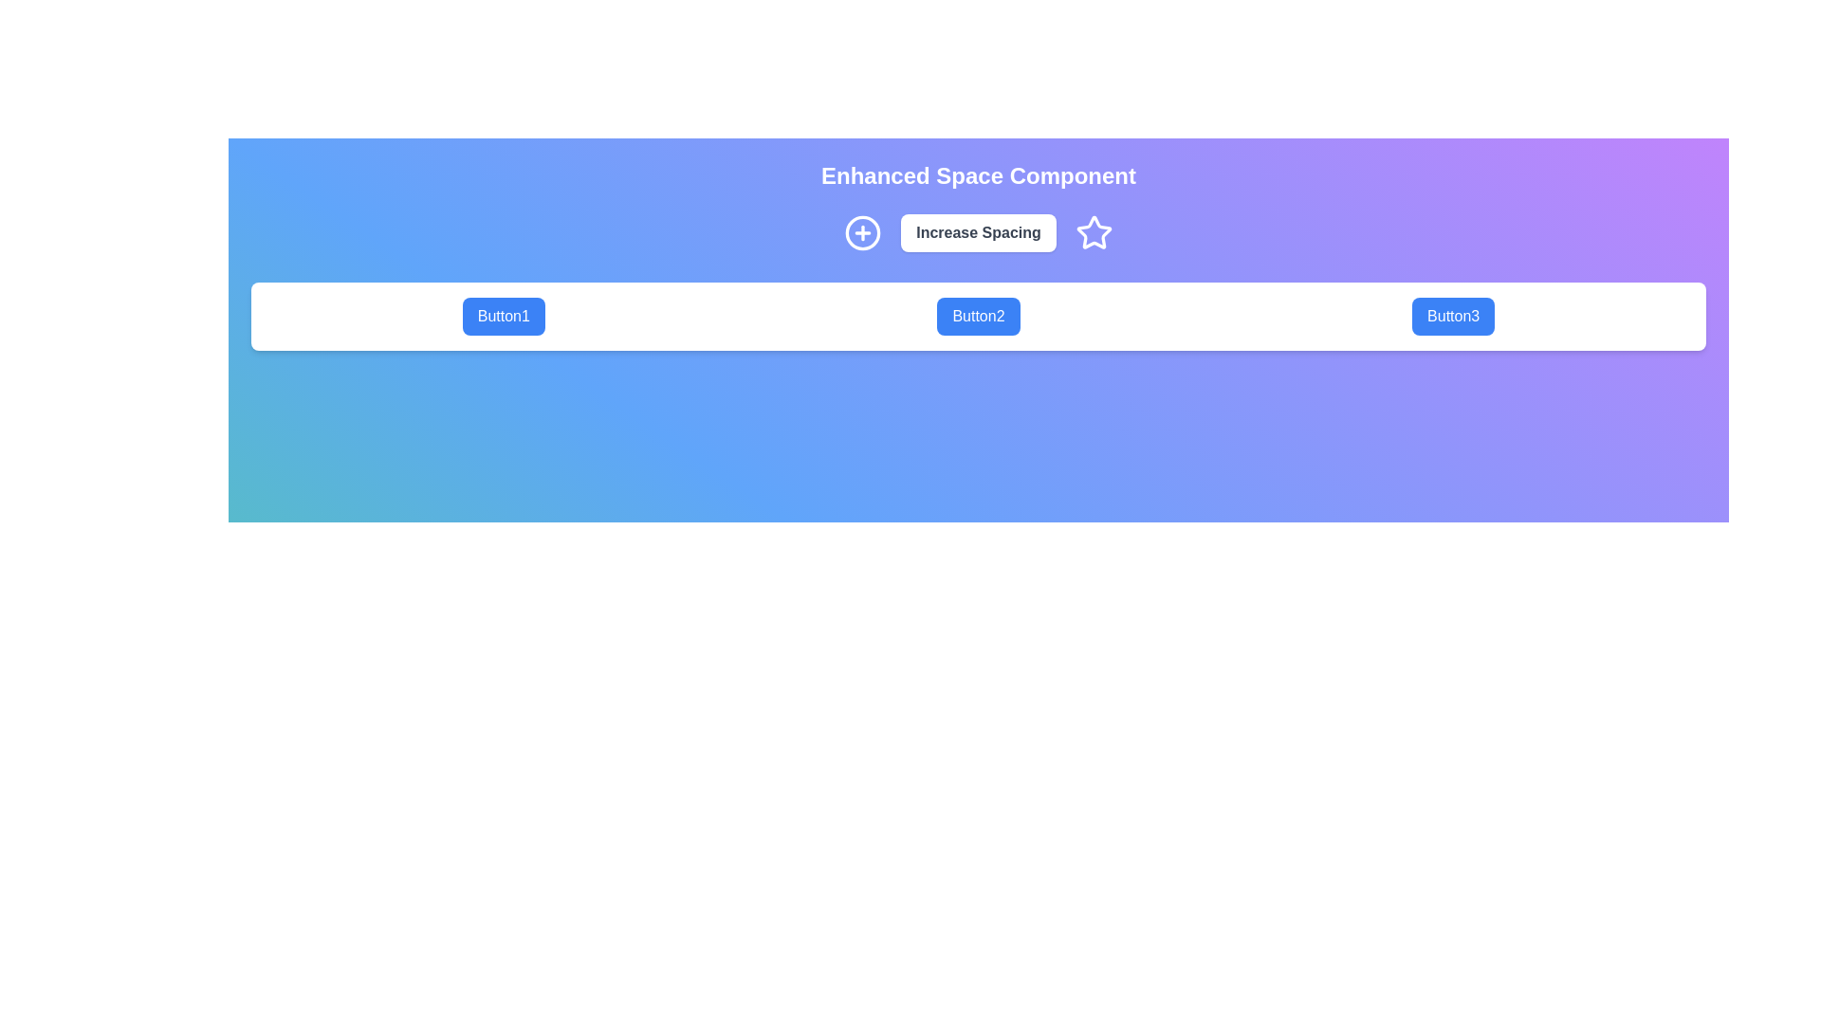  I want to click on the rectangular button labeled 'Button1' with a blue background, so click(504, 316).